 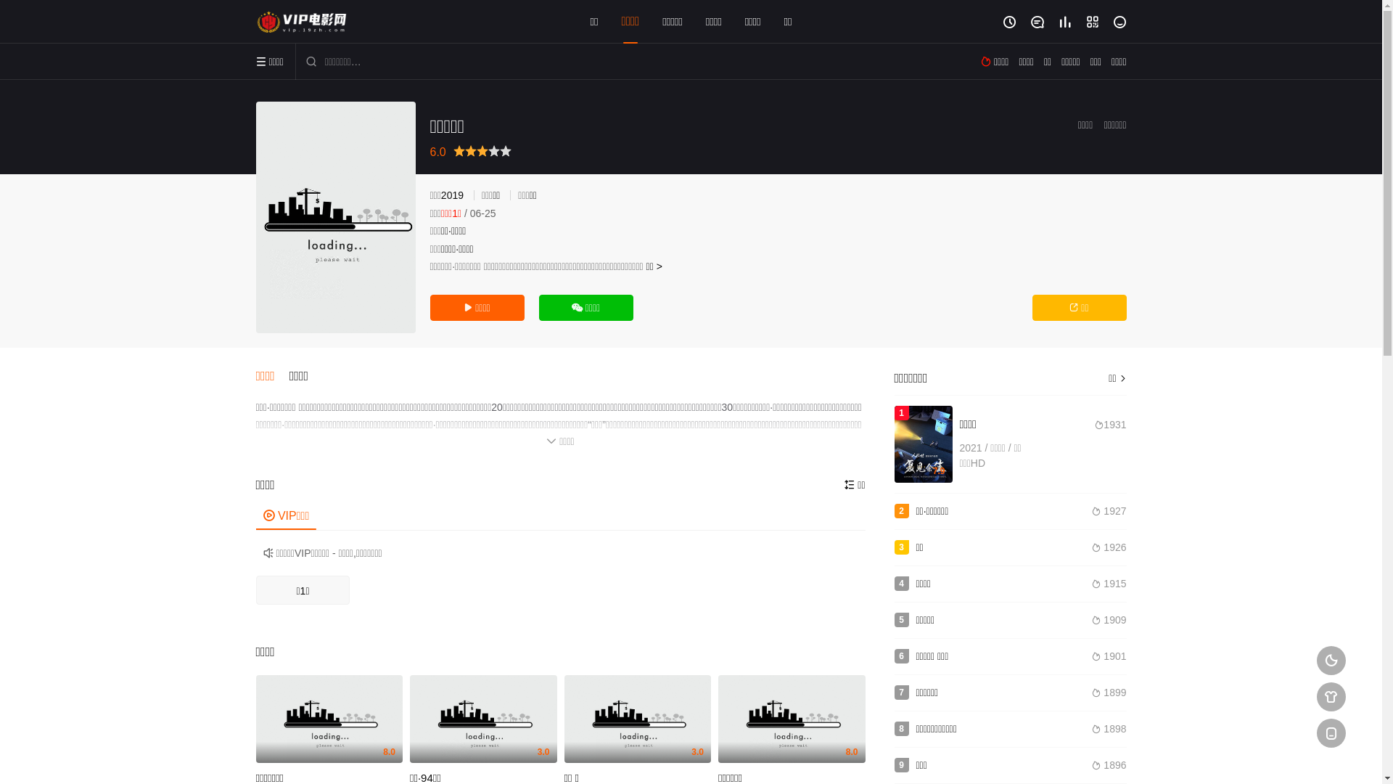 I want to click on '8.0', so click(x=328, y=719).